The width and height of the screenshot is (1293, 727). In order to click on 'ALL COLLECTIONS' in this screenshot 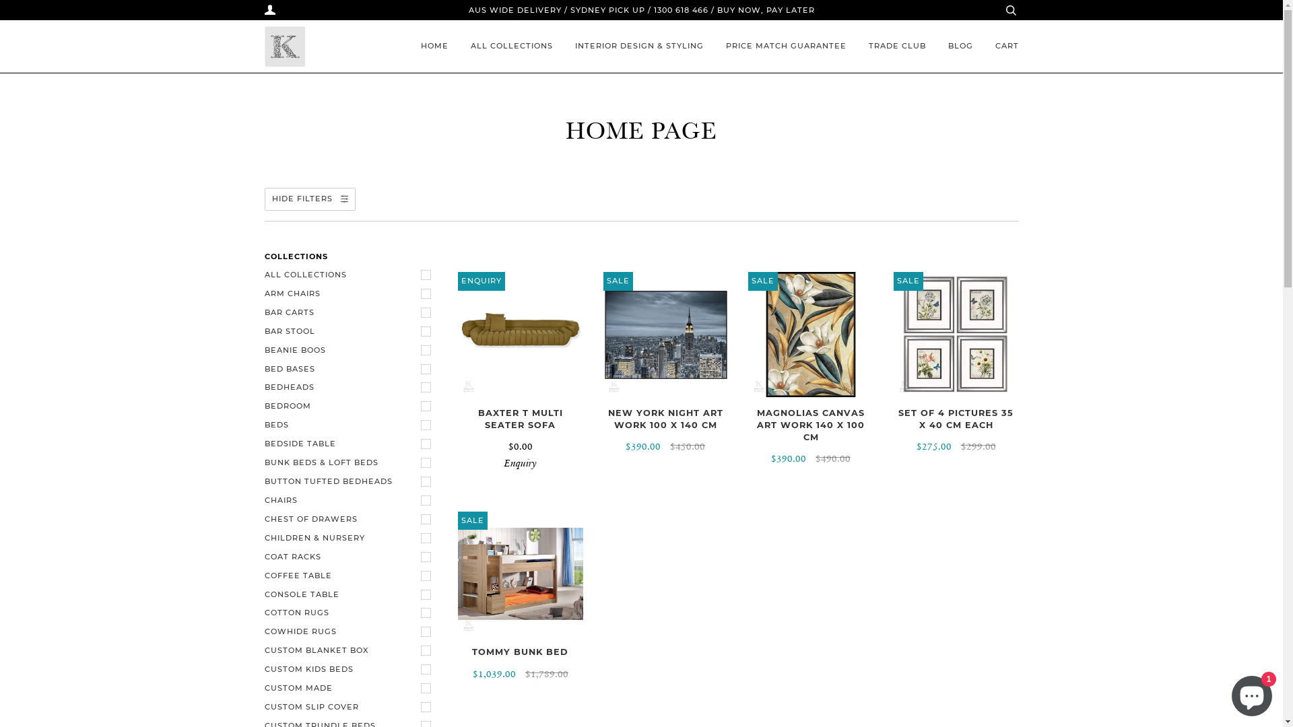, I will do `click(510, 46)`.